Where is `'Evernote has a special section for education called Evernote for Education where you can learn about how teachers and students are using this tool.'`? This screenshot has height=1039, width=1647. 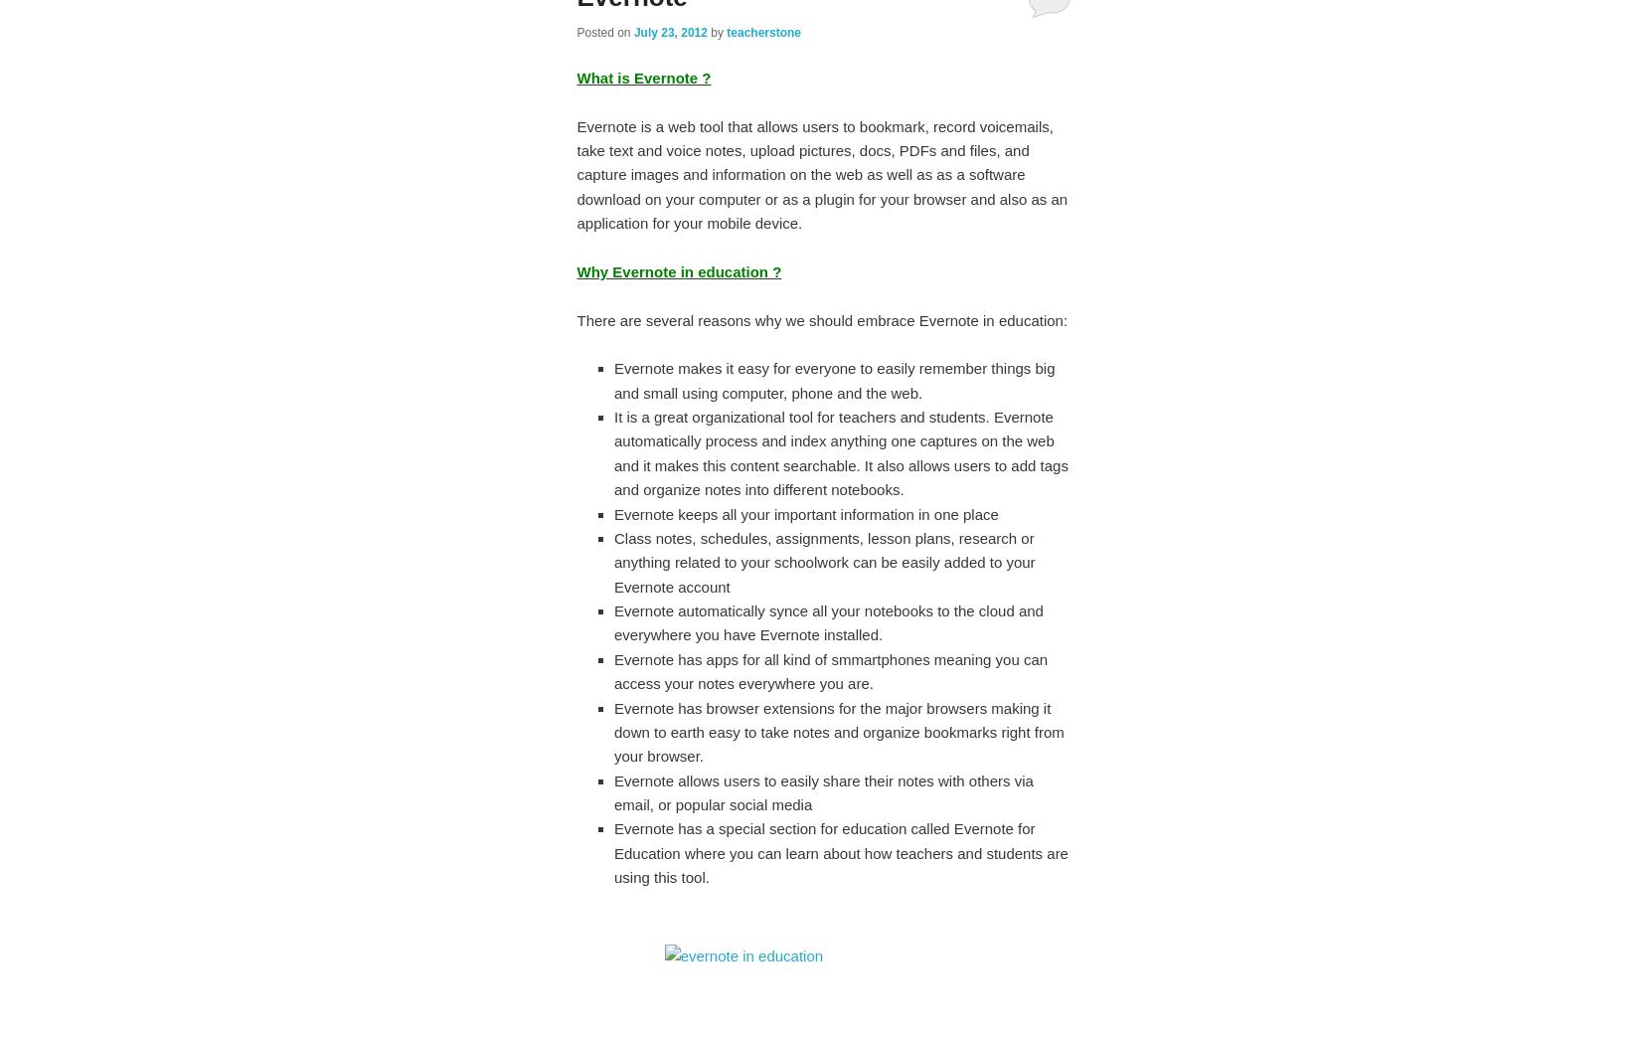 'Evernote has a special section for education called Evernote for Education where you can learn about how teachers and students are using this tool.' is located at coordinates (841, 852).